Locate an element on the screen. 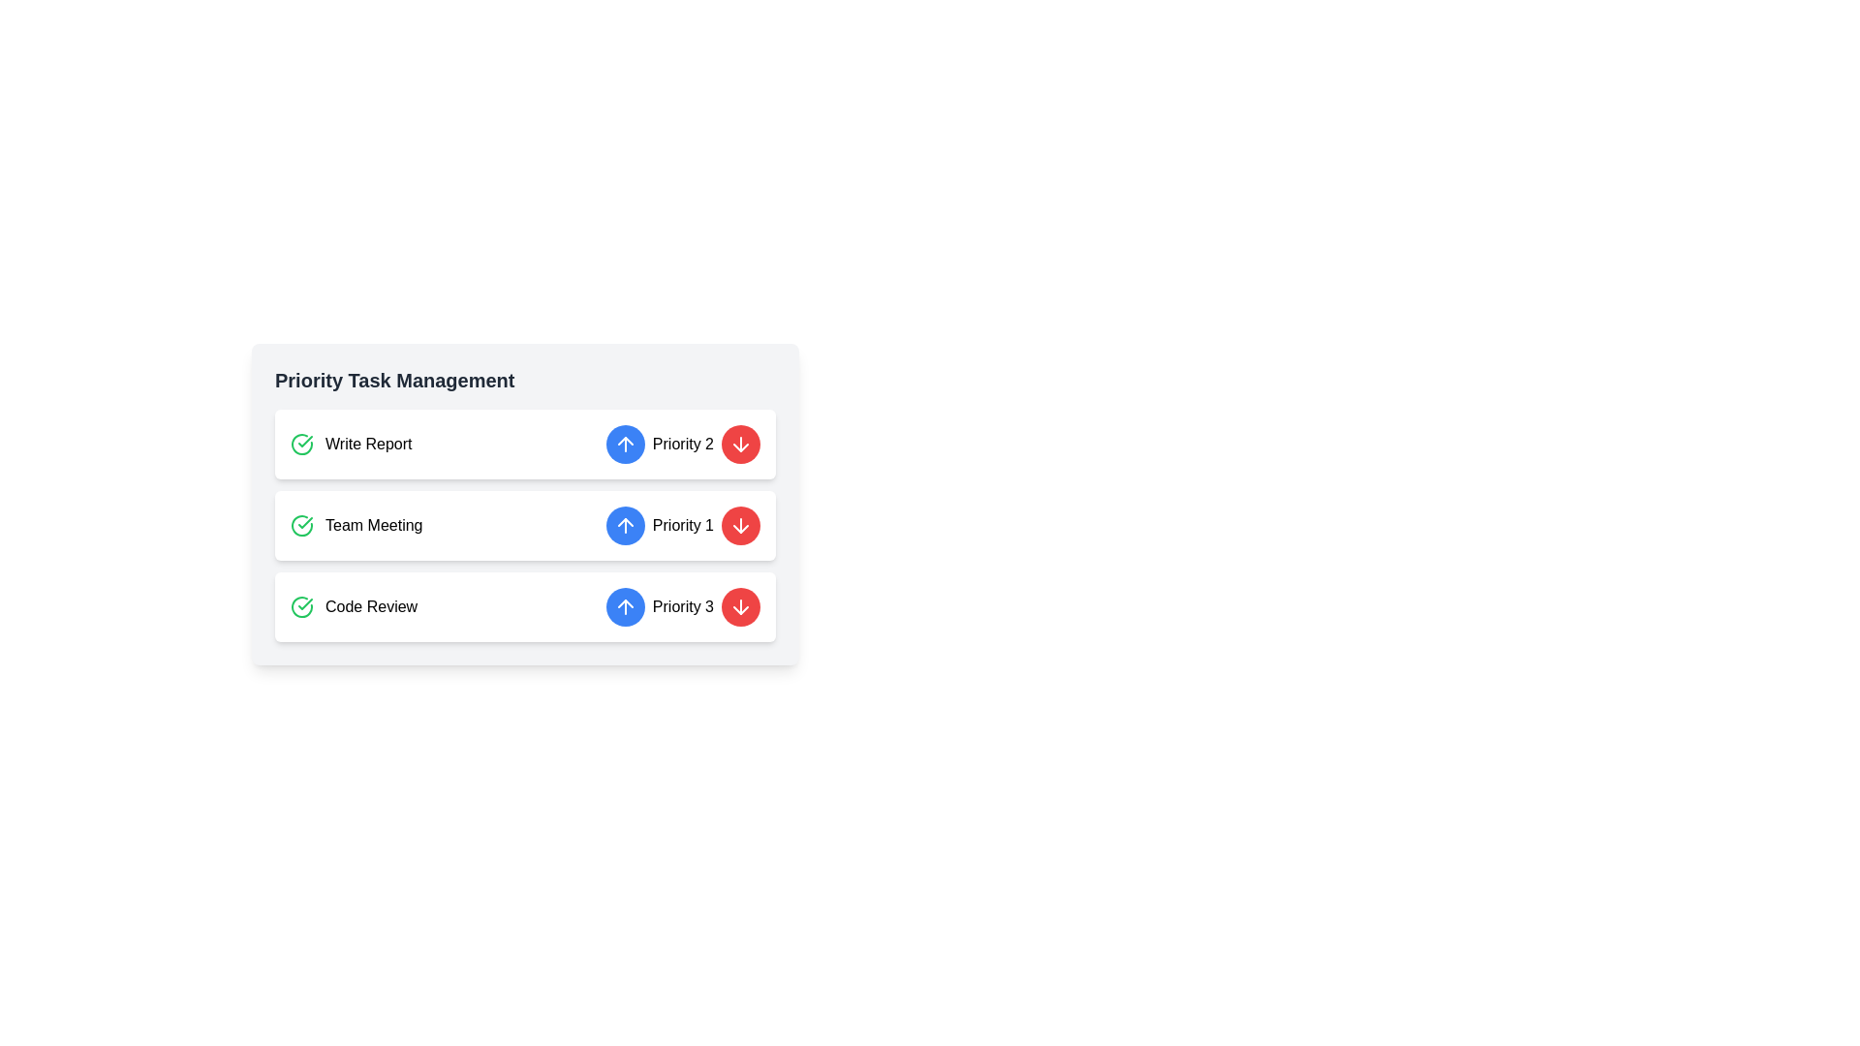 The height and width of the screenshot is (1046, 1860). the control button located to the right of the 'Priority 3' label to lower the priority of the associated item is located at coordinates (739, 606).